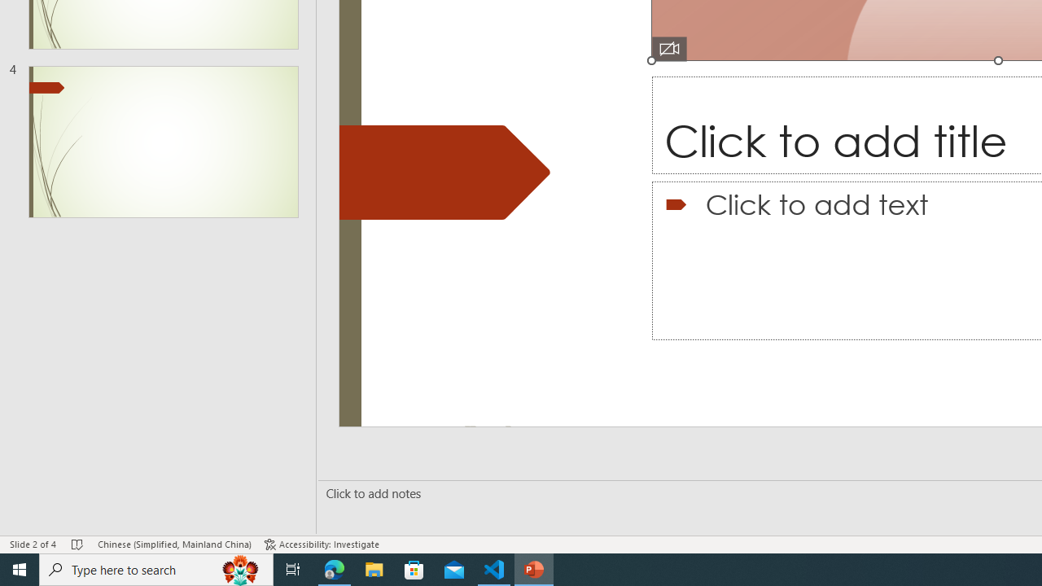  What do you see at coordinates (444, 173) in the screenshot?
I see `'Decorative Locked'` at bounding box center [444, 173].